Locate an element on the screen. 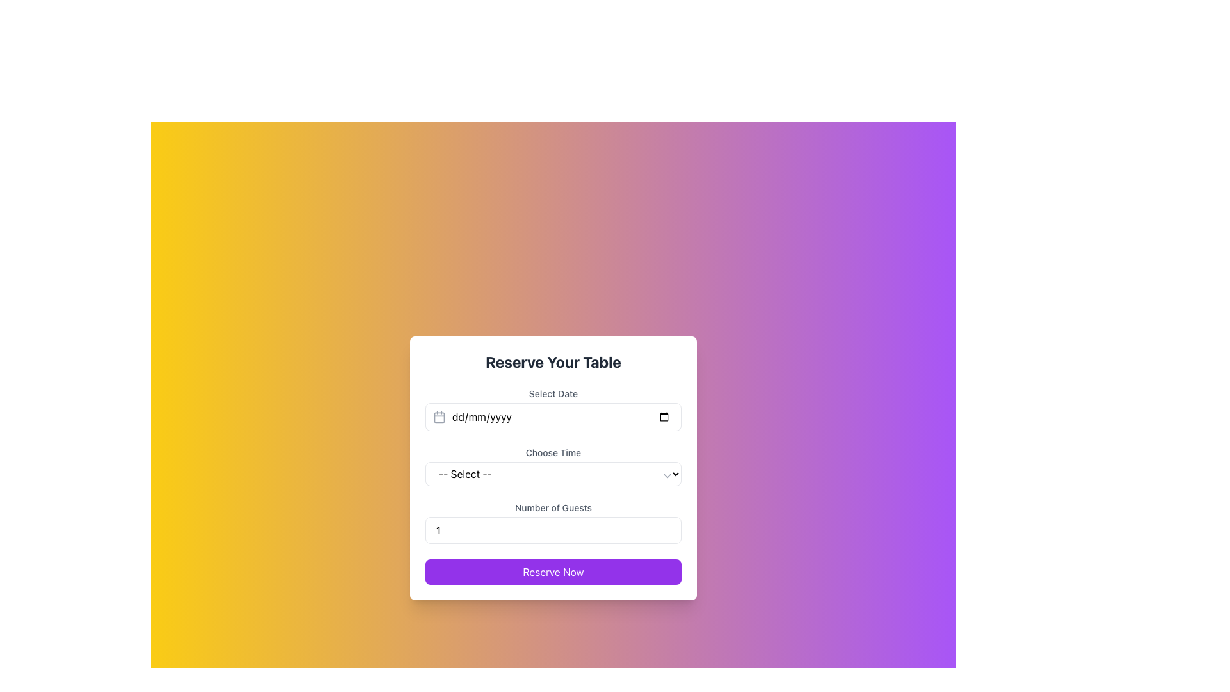 This screenshot has height=692, width=1230. the dropdown menu for selecting a time, which is located in the middle of the 'Reserve Your Table' form, between the 'Select Date' and 'Number of Guests' fields is located at coordinates (553, 466).